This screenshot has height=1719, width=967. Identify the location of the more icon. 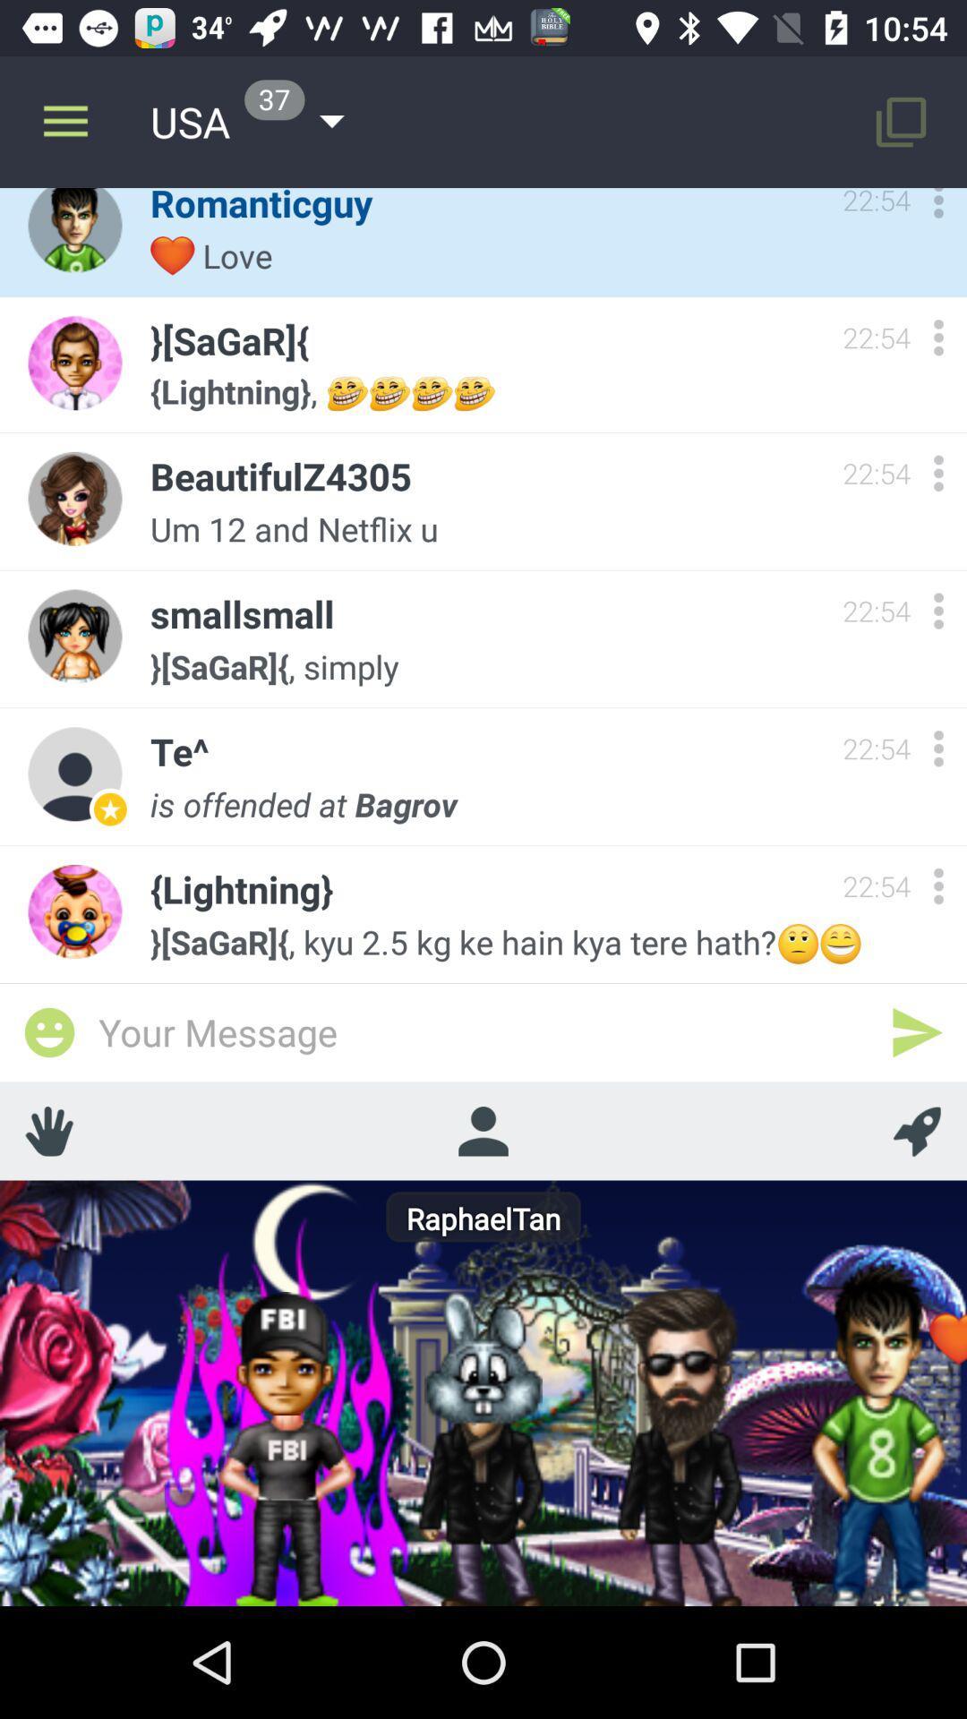
(937, 473).